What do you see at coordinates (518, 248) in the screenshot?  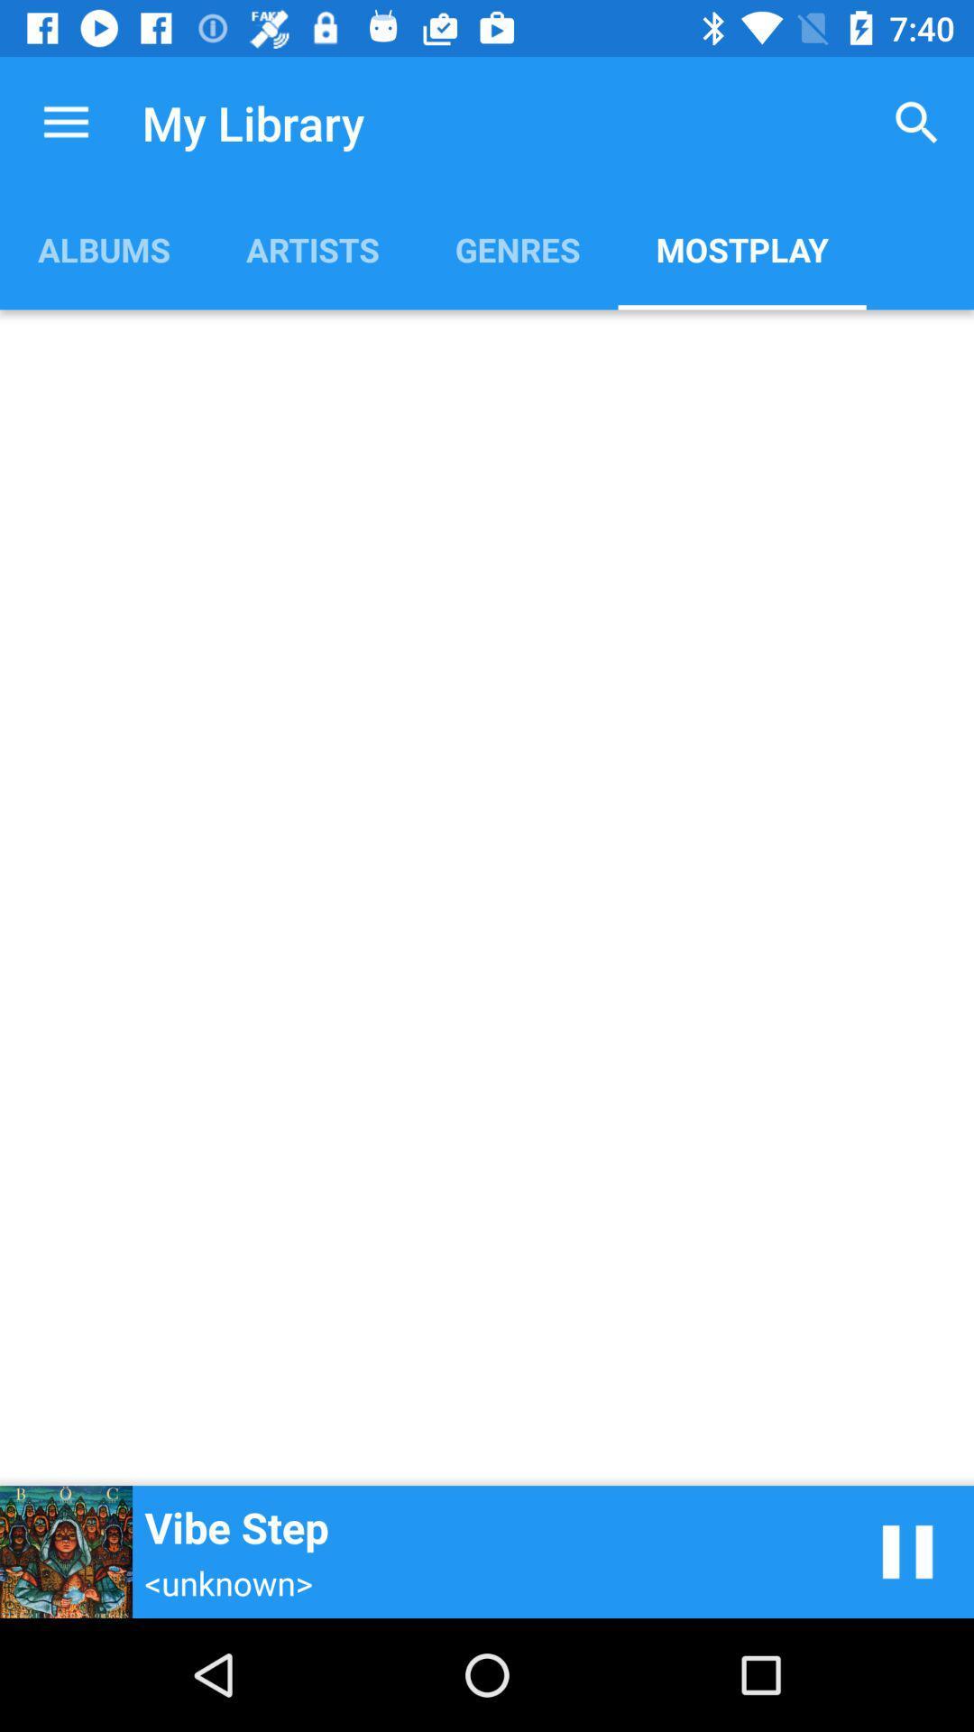 I see `genres app` at bounding box center [518, 248].